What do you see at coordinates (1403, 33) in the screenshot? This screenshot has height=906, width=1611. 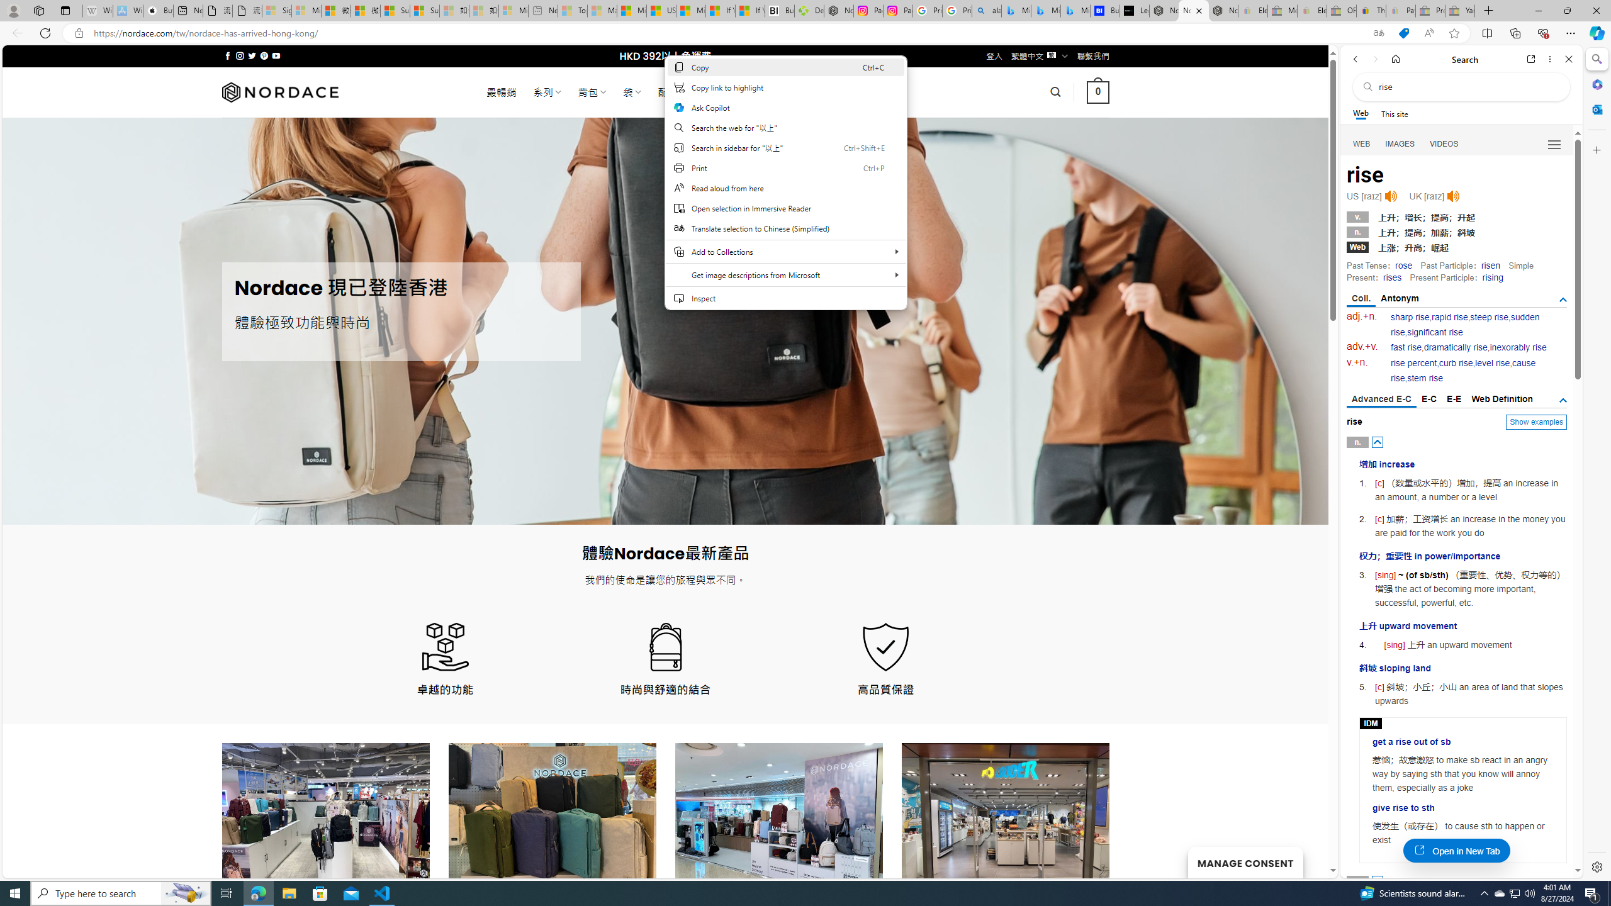 I see `'This site has coupons! Shopping in Microsoft Edge'` at bounding box center [1403, 33].